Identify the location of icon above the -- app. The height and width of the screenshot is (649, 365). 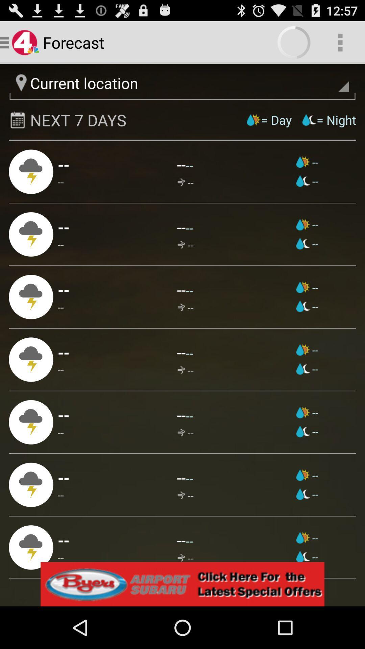
(189, 352).